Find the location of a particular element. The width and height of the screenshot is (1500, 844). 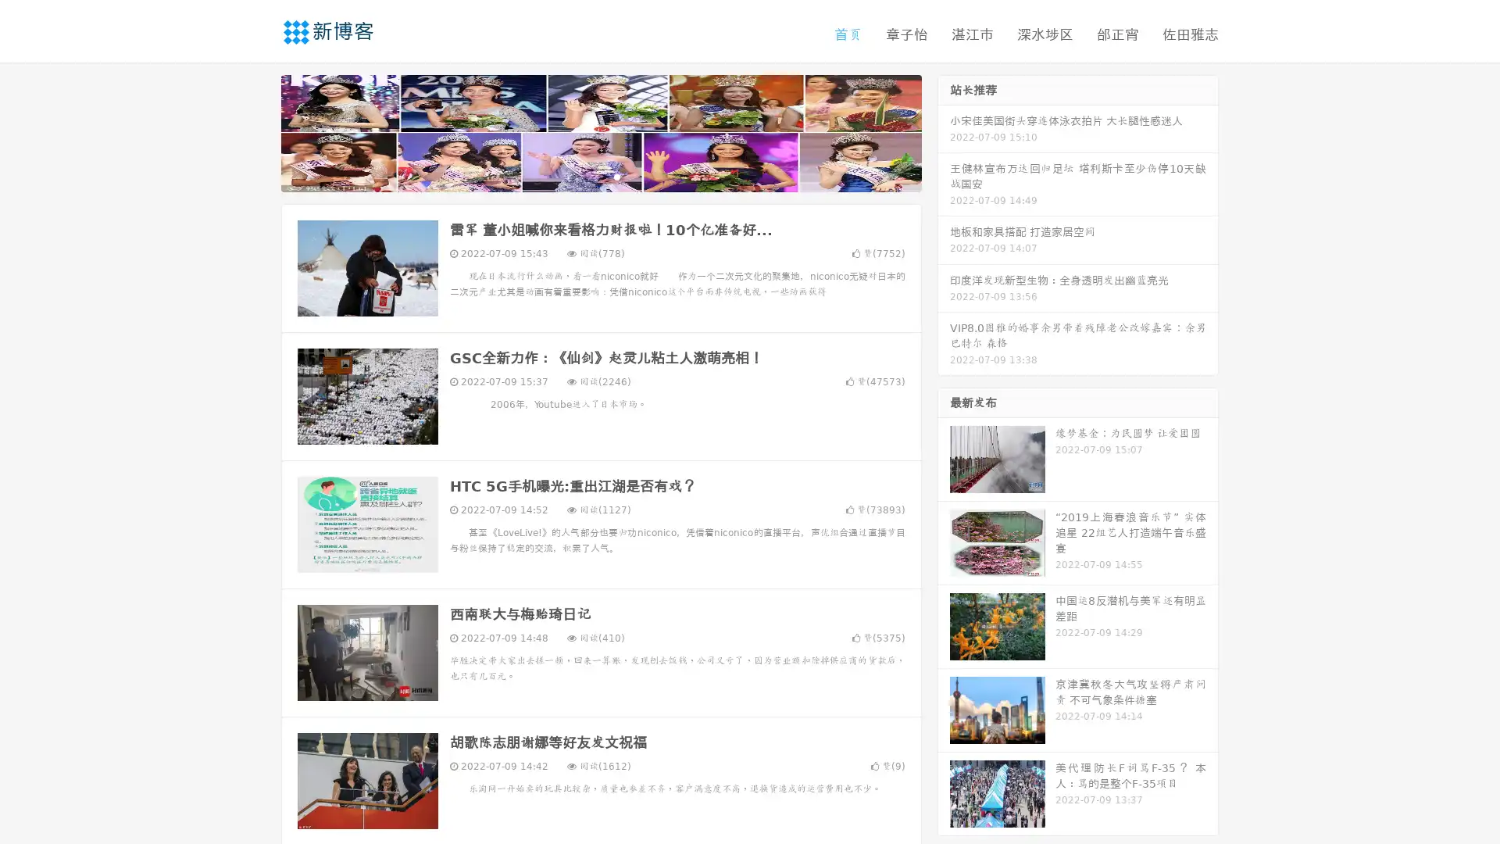

Go to slide 1 is located at coordinates (584, 176).